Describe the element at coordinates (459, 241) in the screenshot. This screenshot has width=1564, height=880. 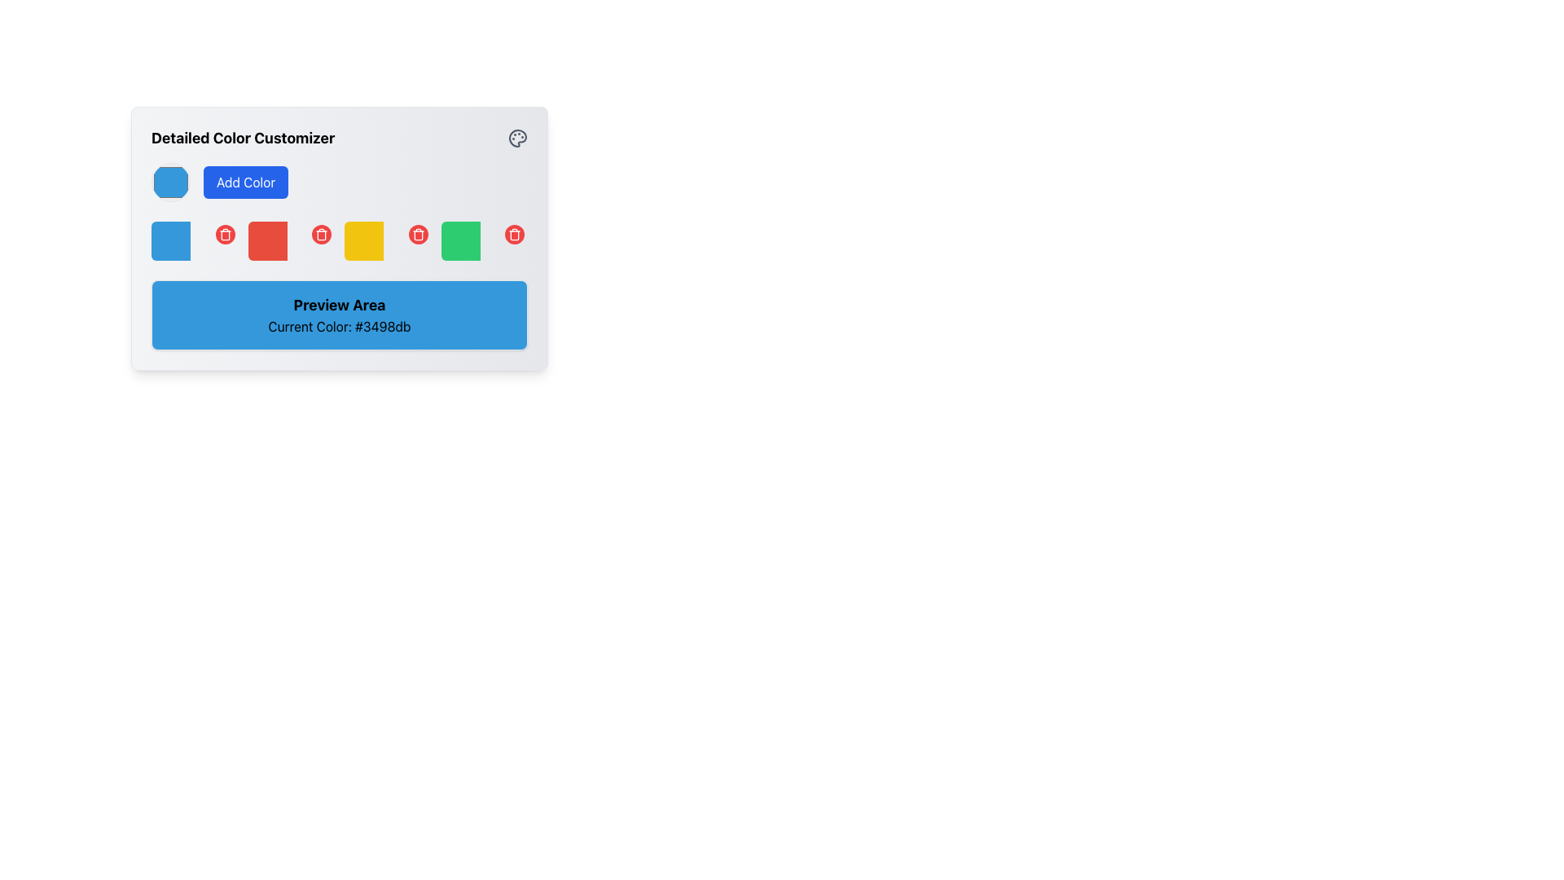
I see `the rightmost green square in the color customization tool` at that location.